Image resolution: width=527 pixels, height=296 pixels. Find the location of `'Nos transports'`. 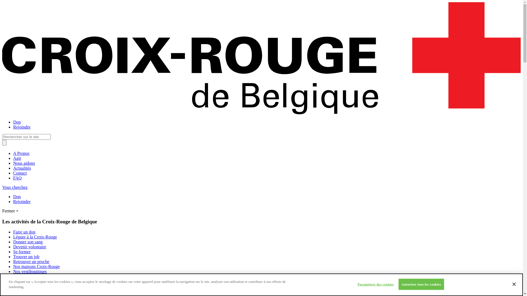

'Nos transports' is located at coordinates (13, 281).